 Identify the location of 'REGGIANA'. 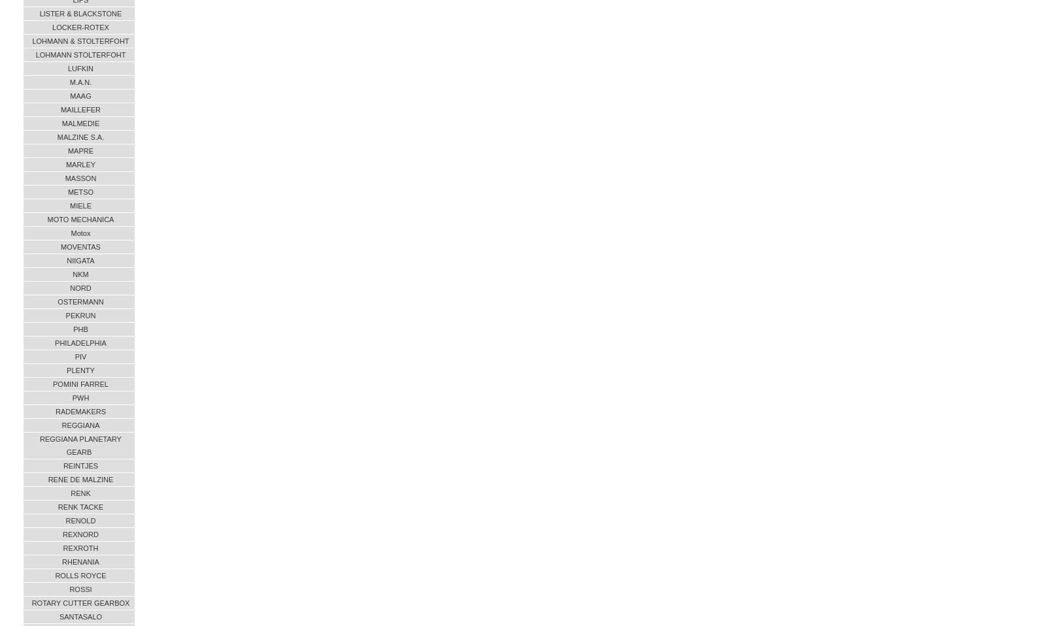
(80, 424).